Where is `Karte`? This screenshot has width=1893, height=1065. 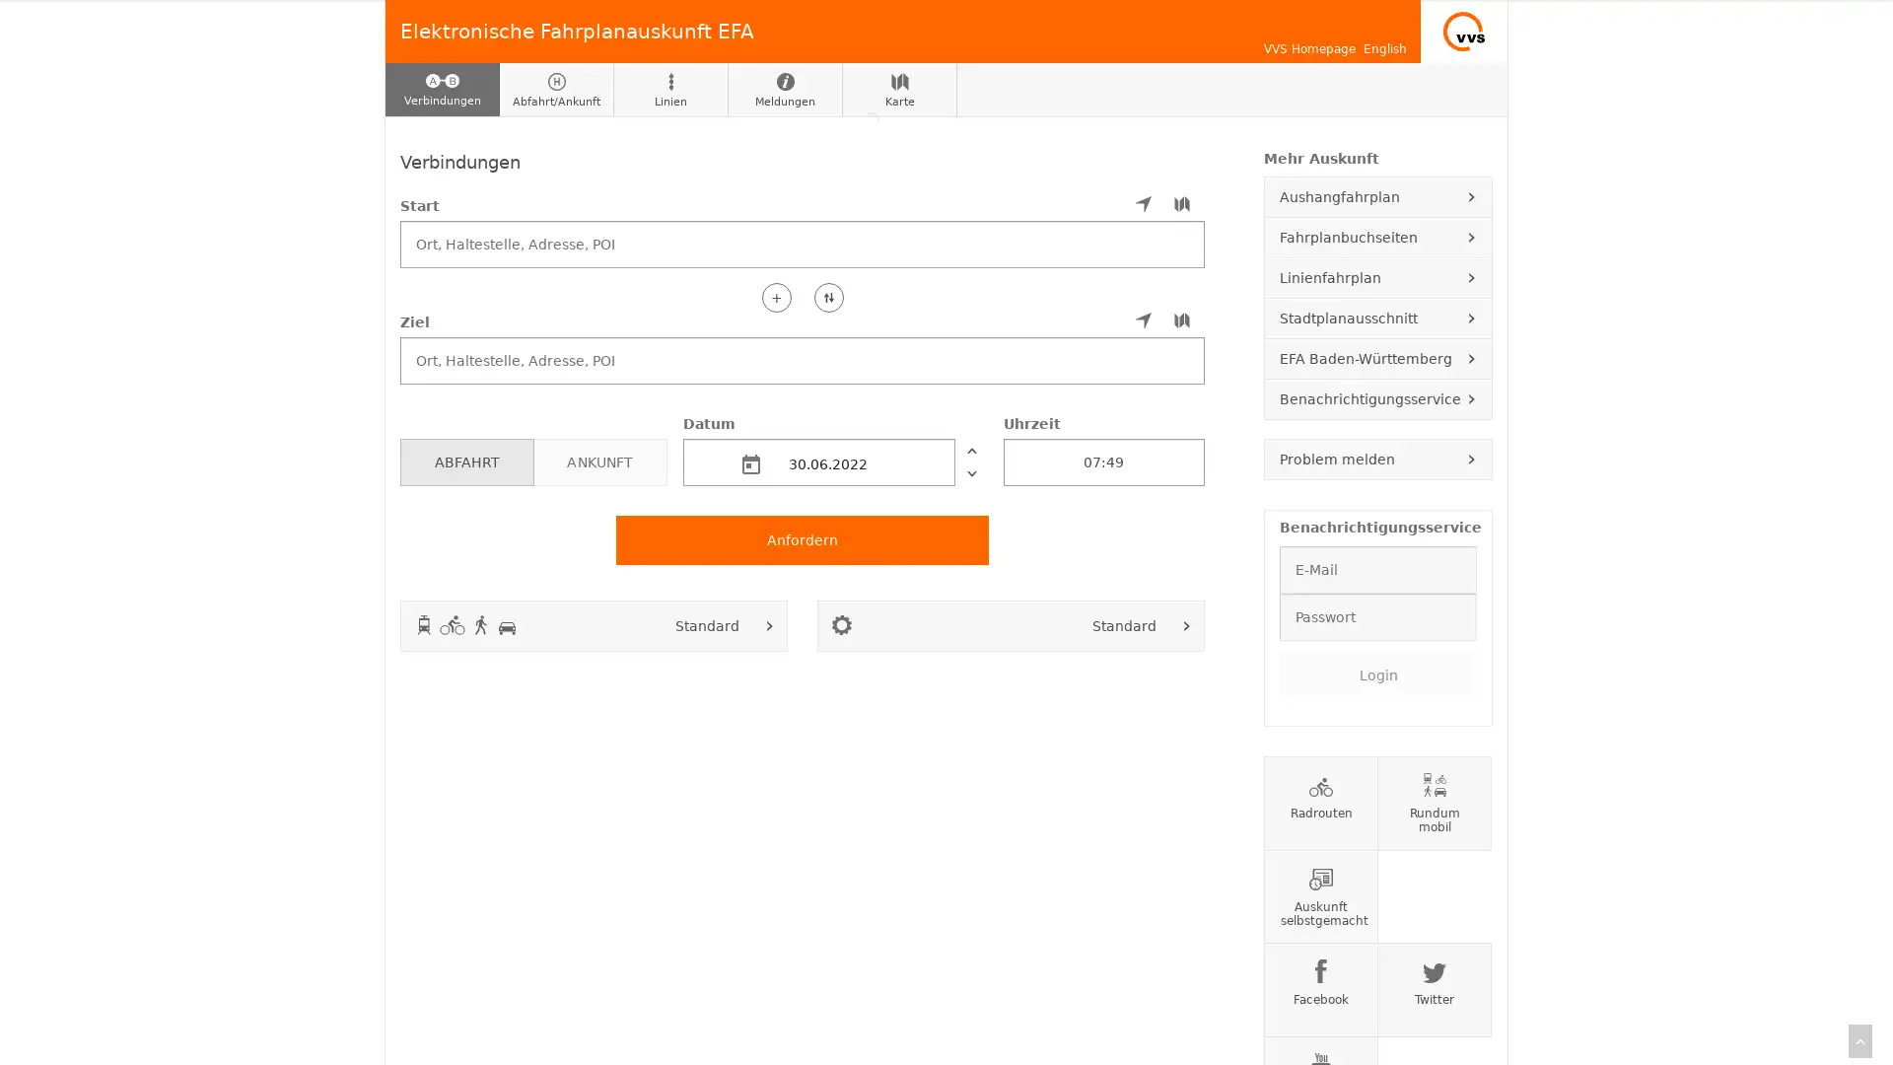 Karte is located at coordinates (898, 90).